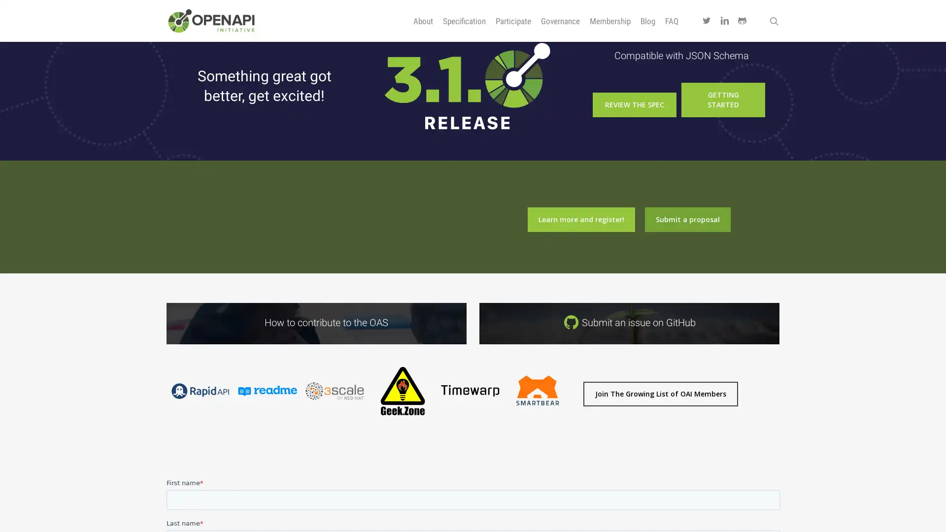 This screenshot has height=532, width=946. What do you see at coordinates (161, 423) in the screenshot?
I see `Previous` at bounding box center [161, 423].